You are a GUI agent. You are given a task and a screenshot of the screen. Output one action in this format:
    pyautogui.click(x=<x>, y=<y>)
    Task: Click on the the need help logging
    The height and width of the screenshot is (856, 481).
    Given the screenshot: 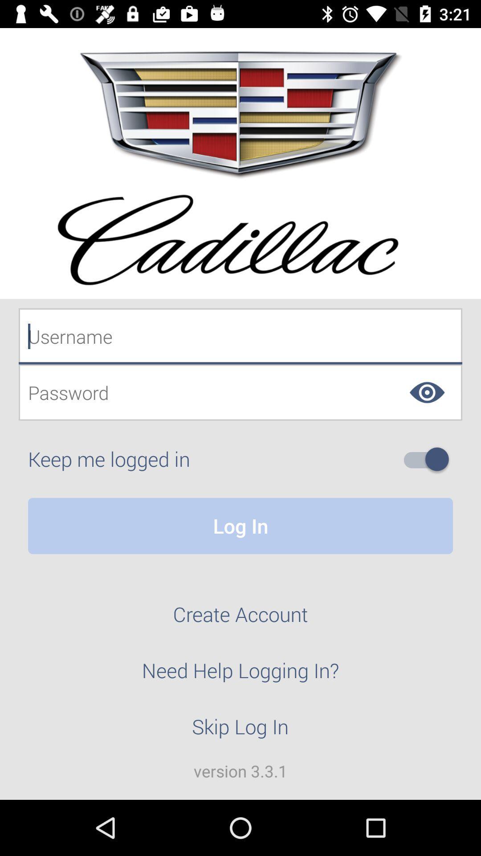 What is the action you would take?
    pyautogui.click(x=240, y=675)
    